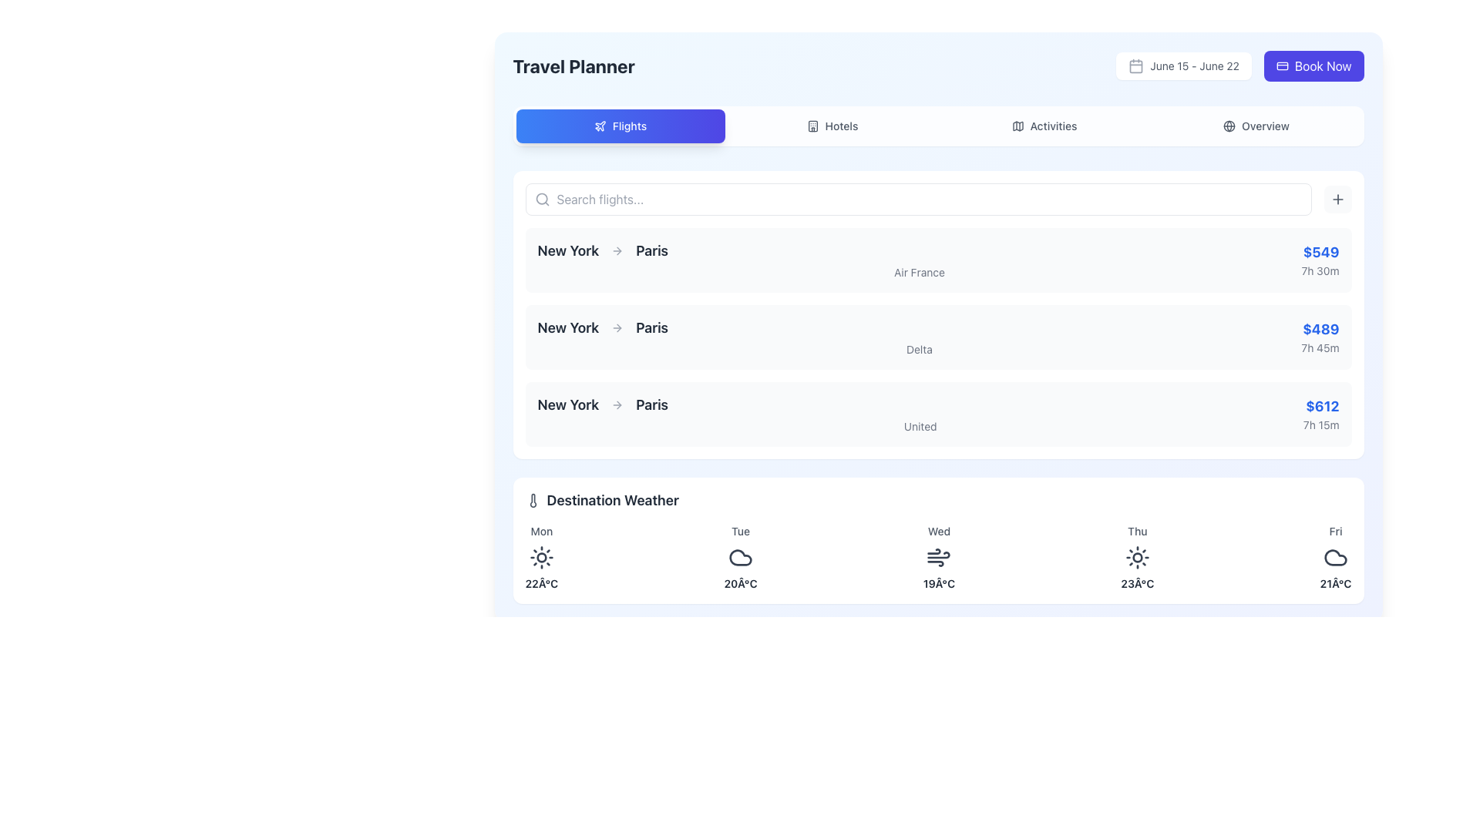 The height and width of the screenshot is (832, 1480). What do you see at coordinates (1320, 337) in the screenshot?
I see `price and duration information displayed as '$489' and '7h 45m' in bold blue and gray text, respectively, located in the bottom-right corner of the second row of flight options` at bounding box center [1320, 337].